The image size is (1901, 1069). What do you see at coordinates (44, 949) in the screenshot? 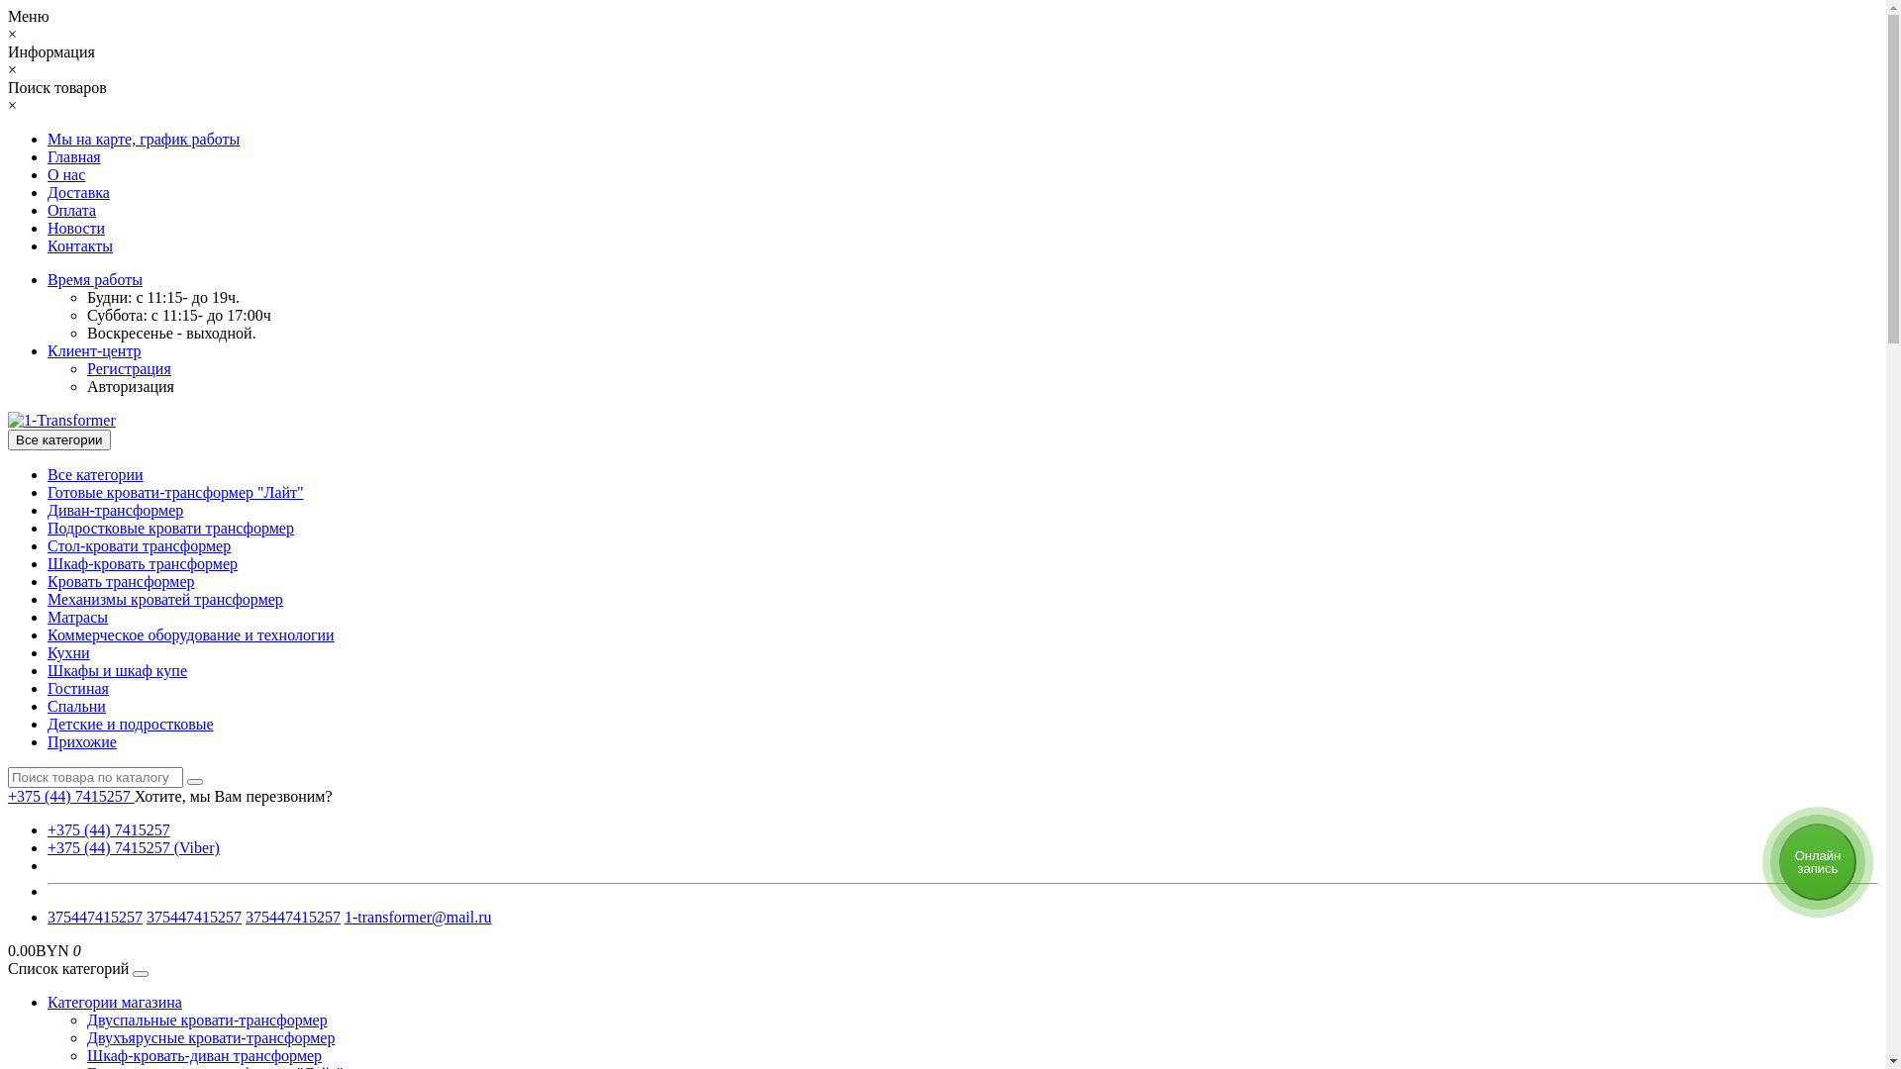
I see `'0.00BYN 0'` at bounding box center [44, 949].